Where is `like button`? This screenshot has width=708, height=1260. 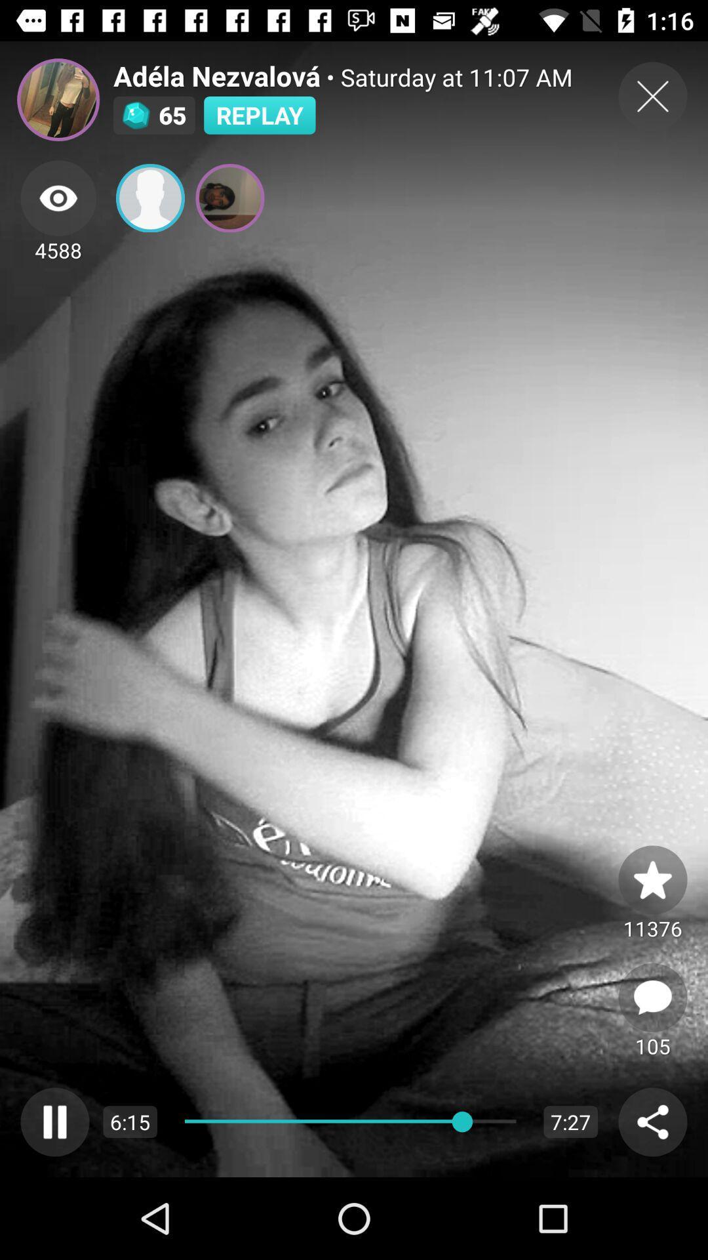
like button is located at coordinates (652, 879).